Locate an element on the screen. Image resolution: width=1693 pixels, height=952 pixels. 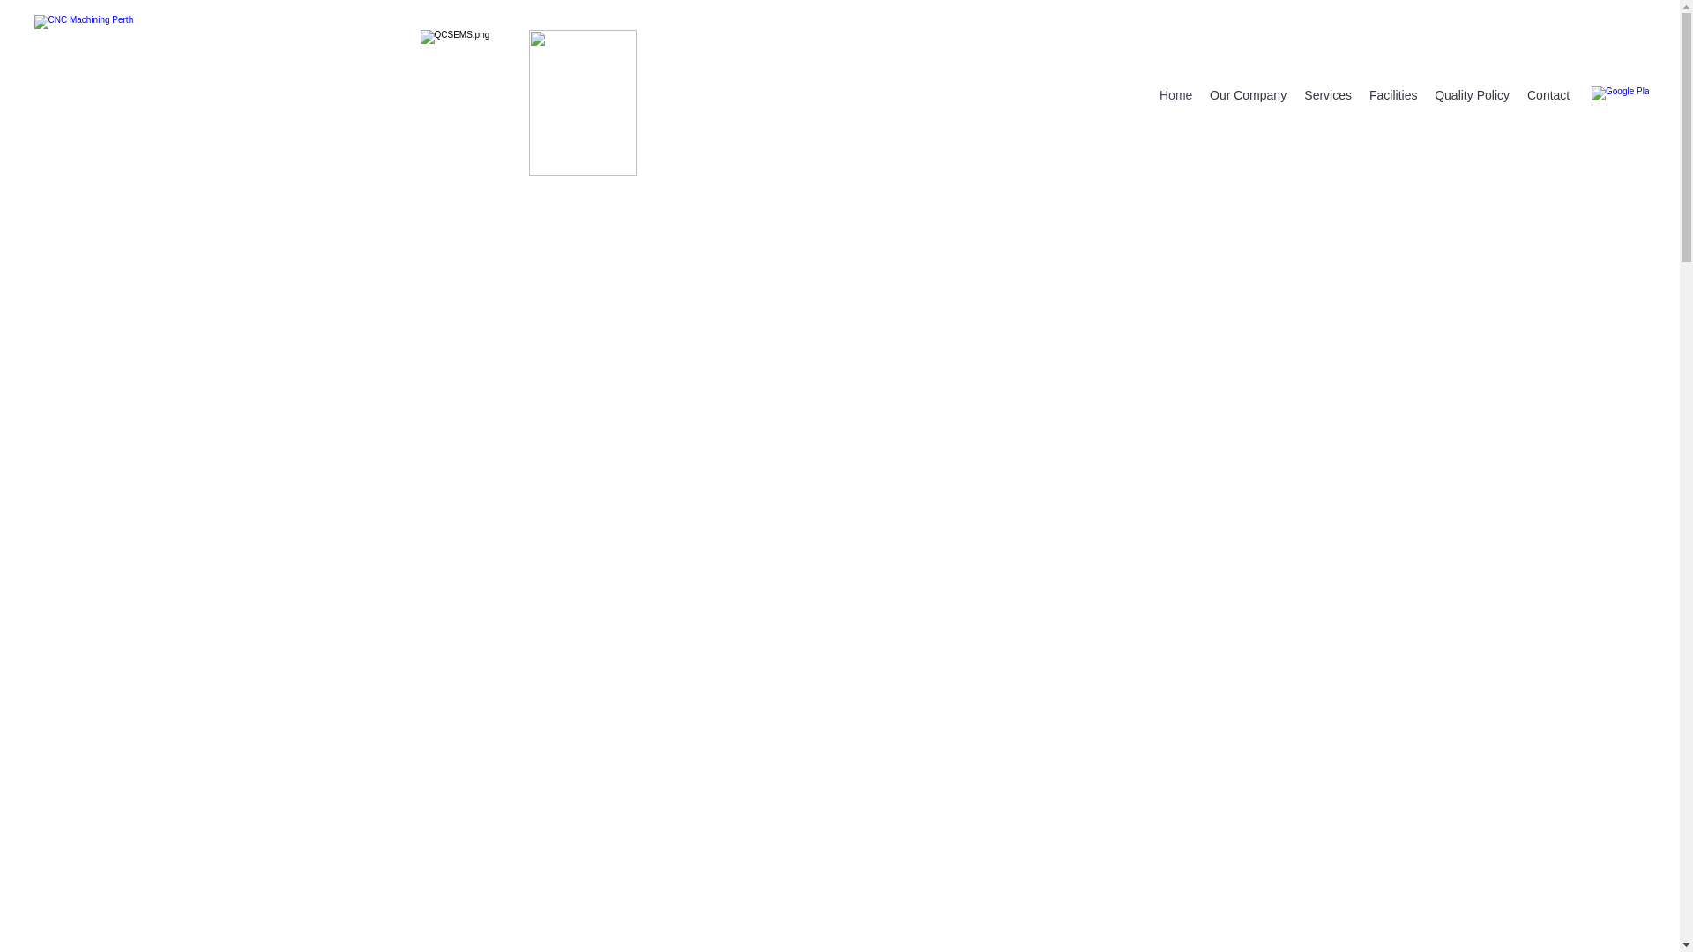
'Services' is located at coordinates (1328, 95).